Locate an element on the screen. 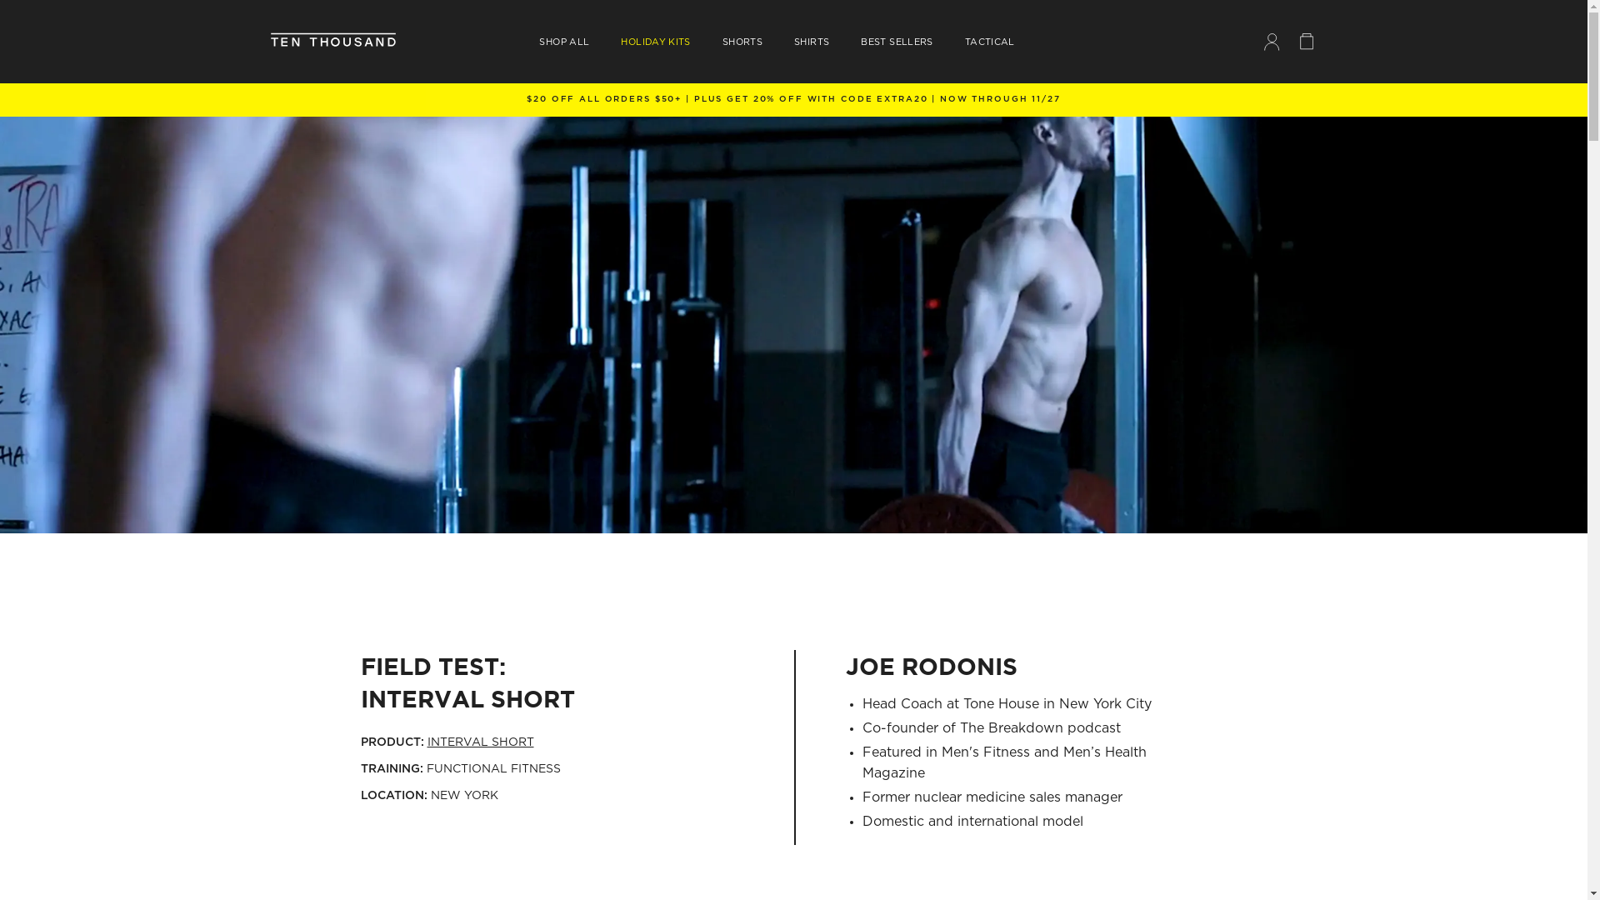 The height and width of the screenshot is (900, 1600). 'SHIRTS' is located at coordinates (812, 41).